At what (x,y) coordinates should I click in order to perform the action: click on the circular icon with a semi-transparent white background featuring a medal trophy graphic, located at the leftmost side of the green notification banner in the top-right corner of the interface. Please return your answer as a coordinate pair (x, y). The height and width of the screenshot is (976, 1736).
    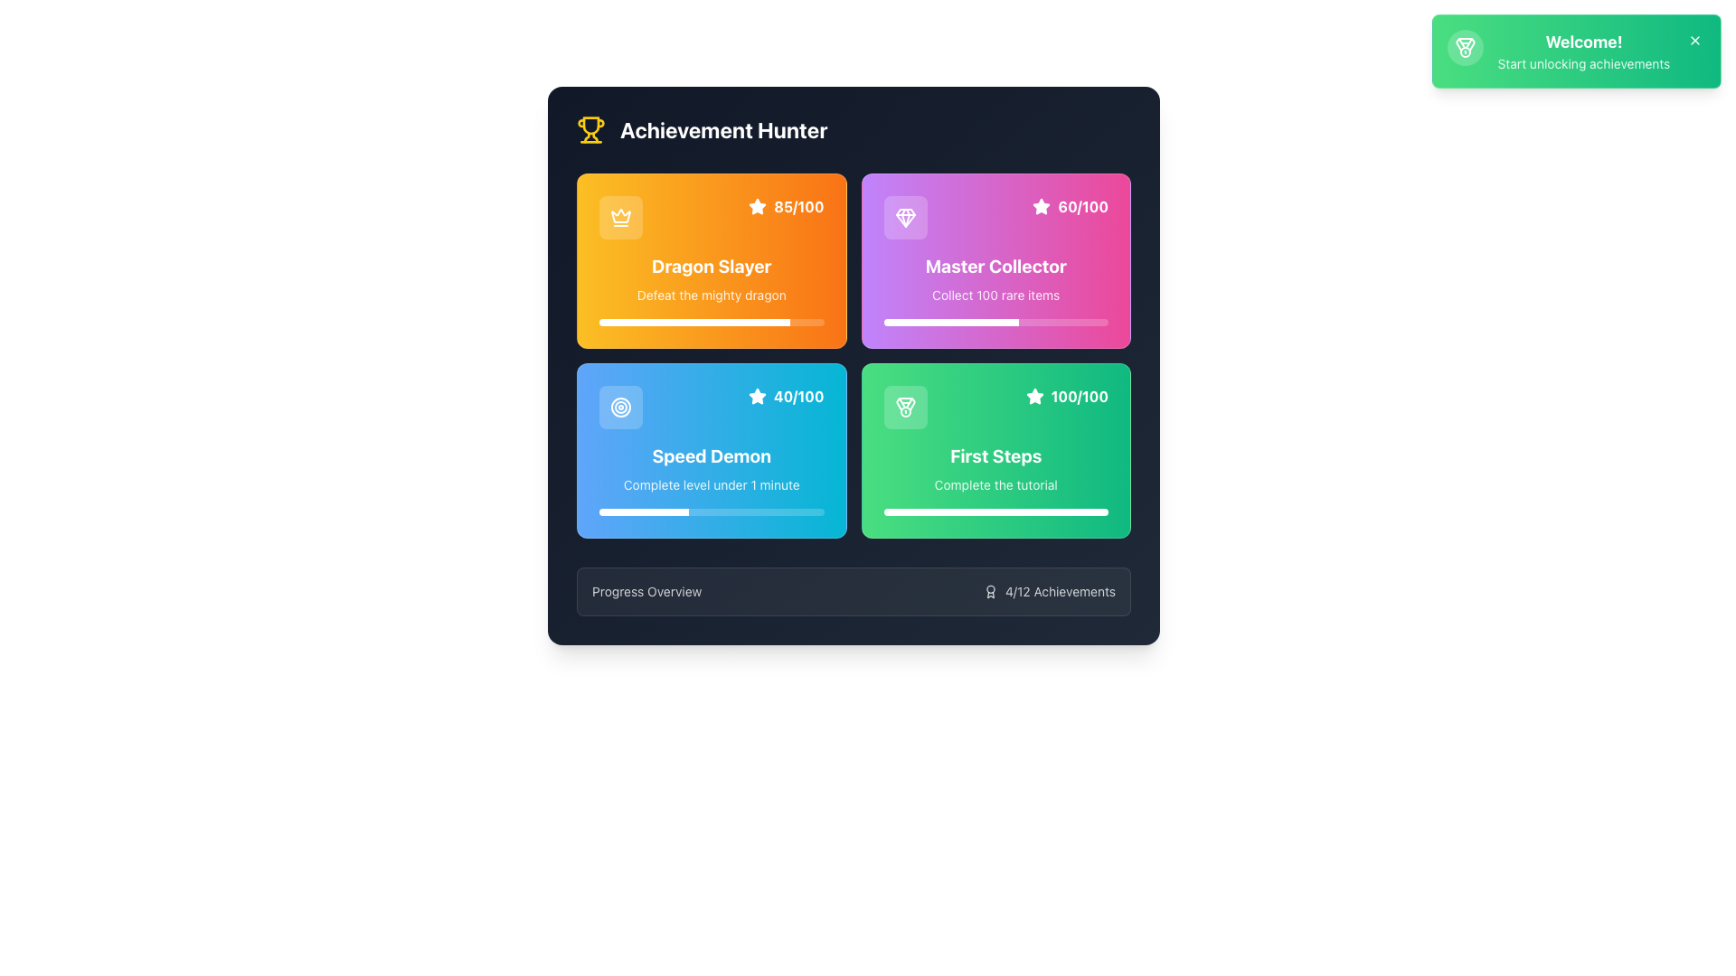
    Looking at the image, I should click on (1466, 47).